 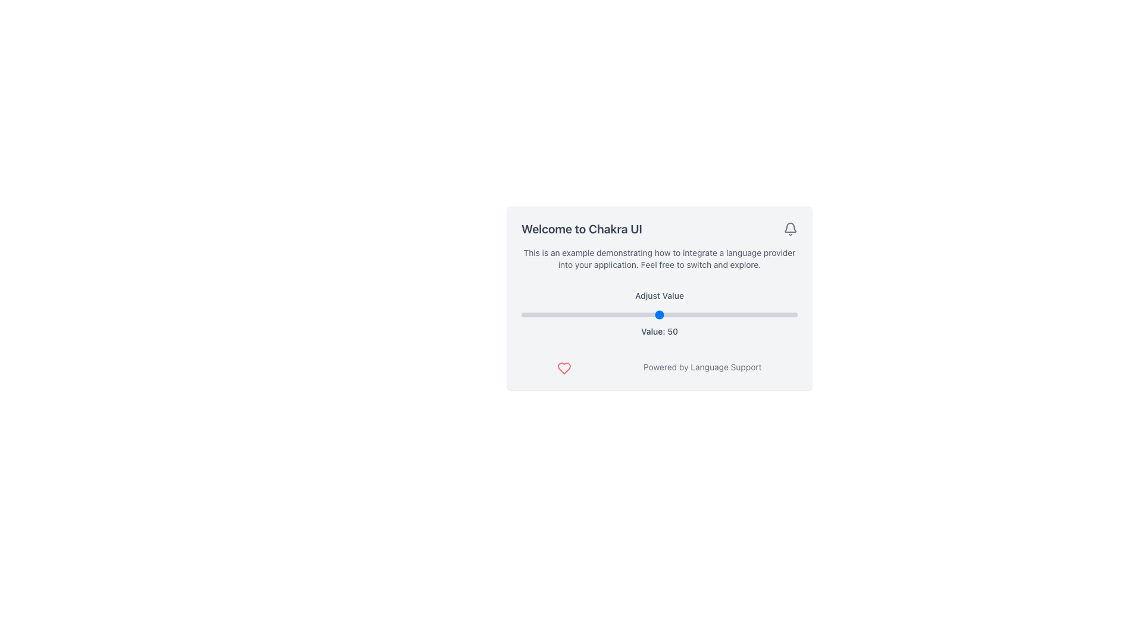 I want to click on the heart icon, which is outlined in red and positioned as the leftmost element in a horizontally-aligned group at the bottom of the main content card, so click(x=564, y=367).